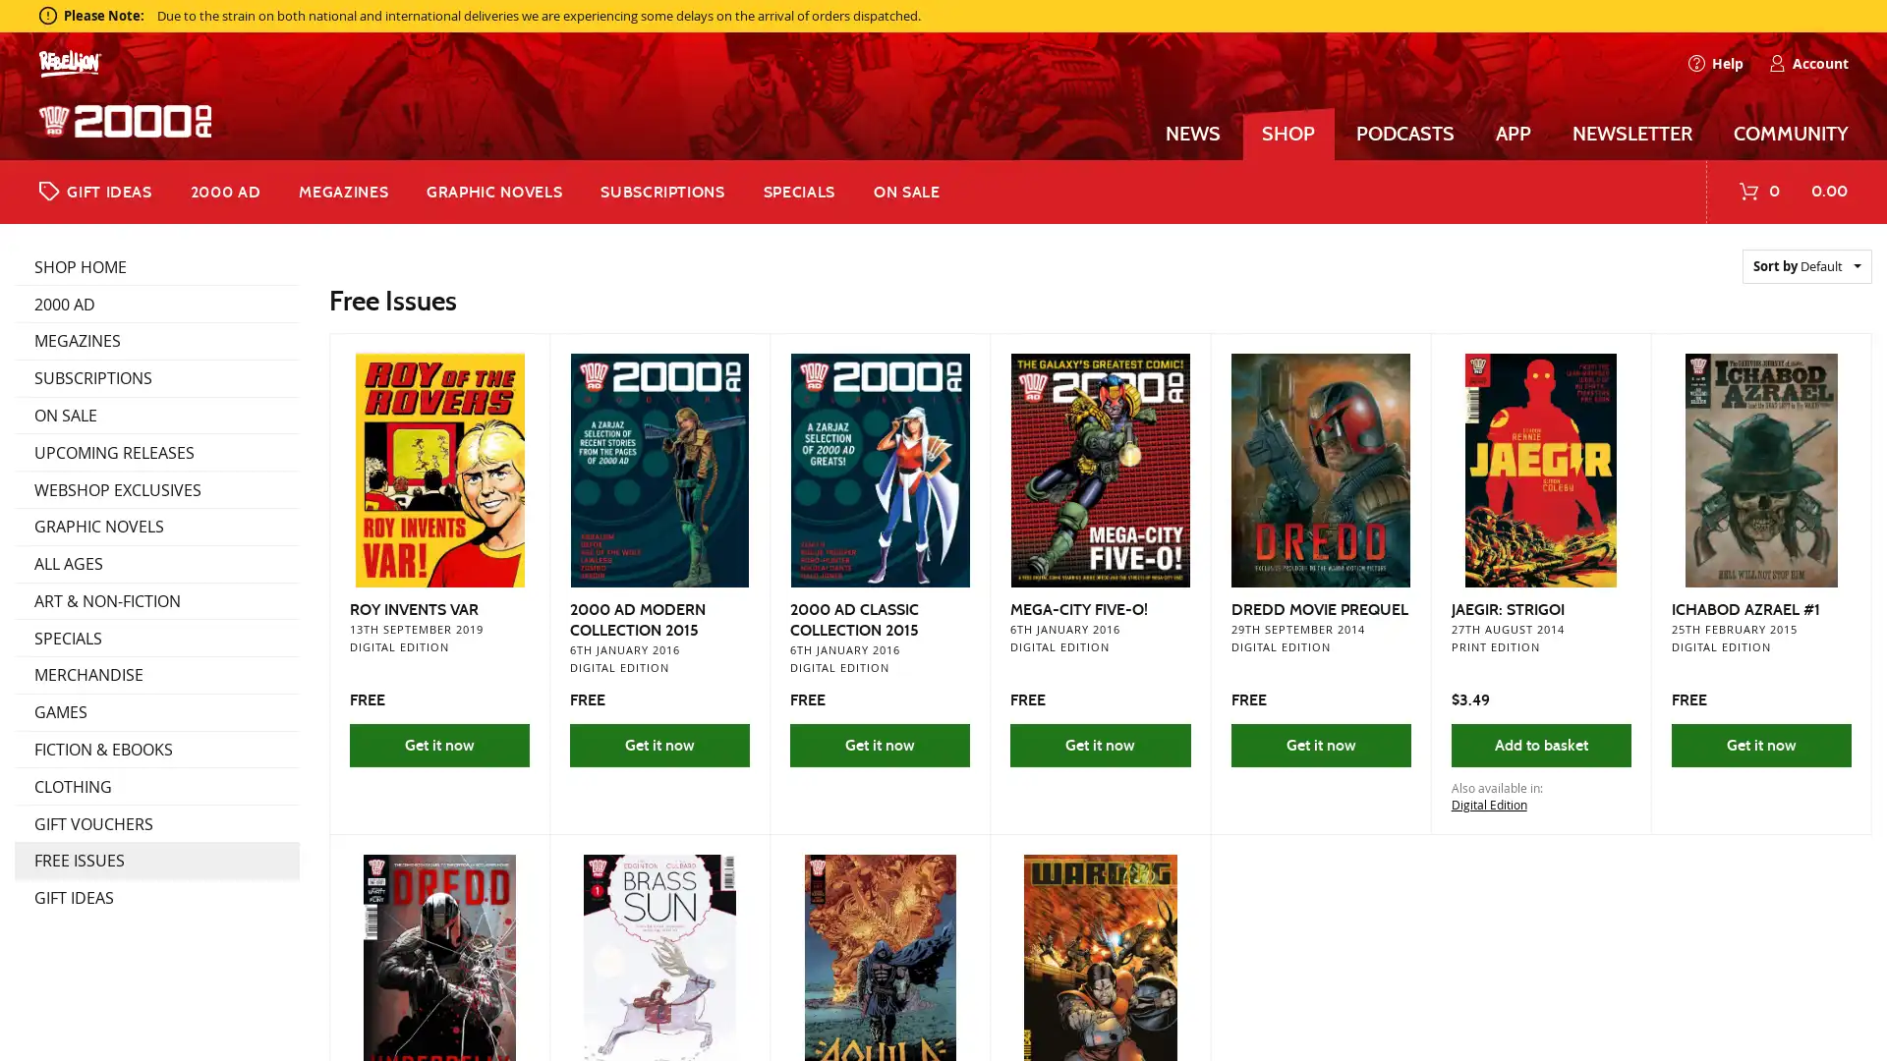 The height and width of the screenshot is (1061, 1887). I want to click on Digital Edition, so click(1488, 805).